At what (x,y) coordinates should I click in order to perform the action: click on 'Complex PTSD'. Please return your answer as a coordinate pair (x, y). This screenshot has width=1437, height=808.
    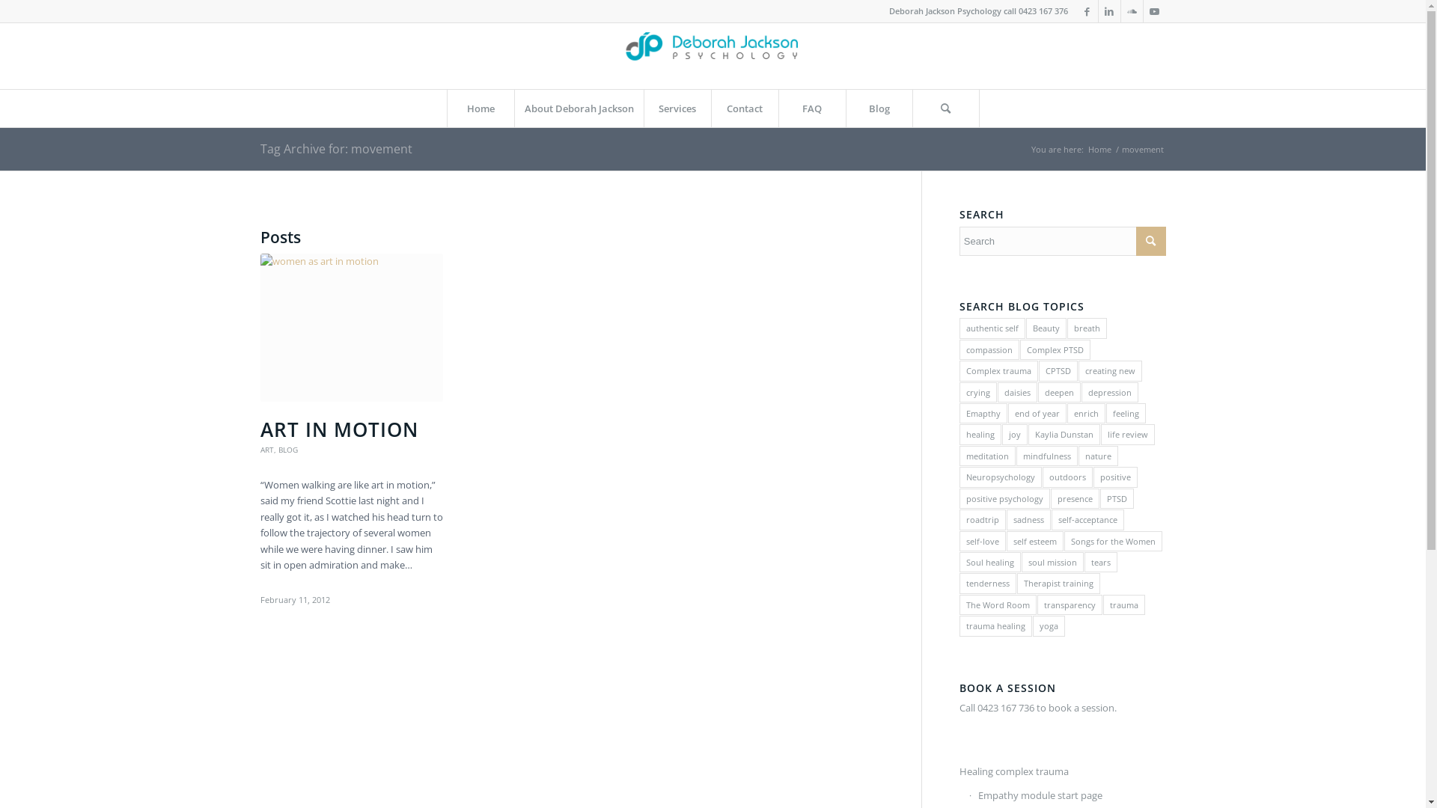
    Looking at the image, I should click on (1019, 349).